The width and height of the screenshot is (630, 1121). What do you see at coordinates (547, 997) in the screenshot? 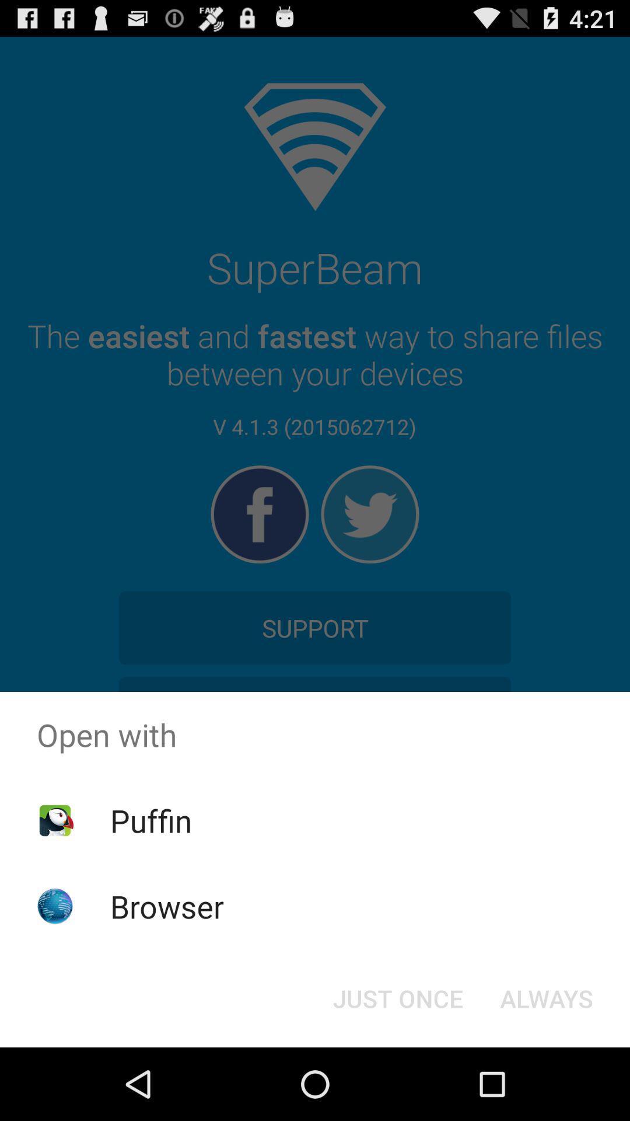
I see `the icon to the right of the just once icon` at bounding box center [547, 997].